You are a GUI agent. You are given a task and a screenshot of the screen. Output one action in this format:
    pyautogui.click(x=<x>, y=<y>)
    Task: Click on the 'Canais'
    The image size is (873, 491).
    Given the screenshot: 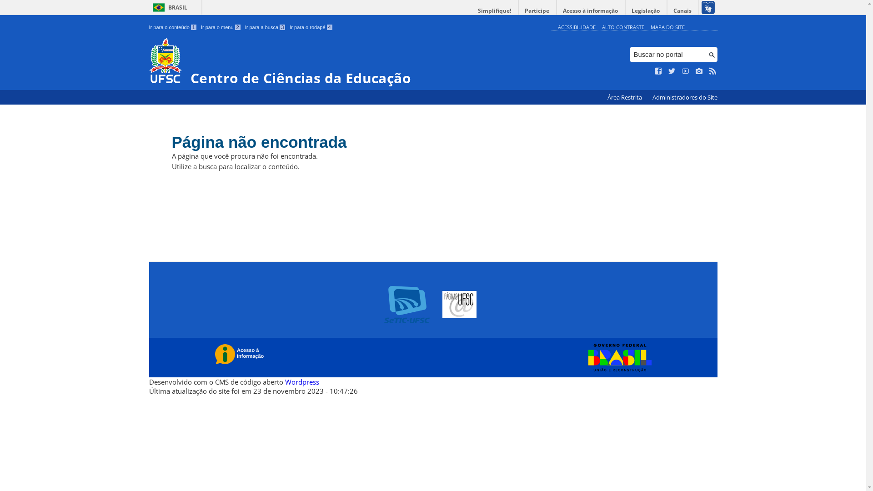 What is the action you would take?
    pyautogui.click(x=683, y=10)
    